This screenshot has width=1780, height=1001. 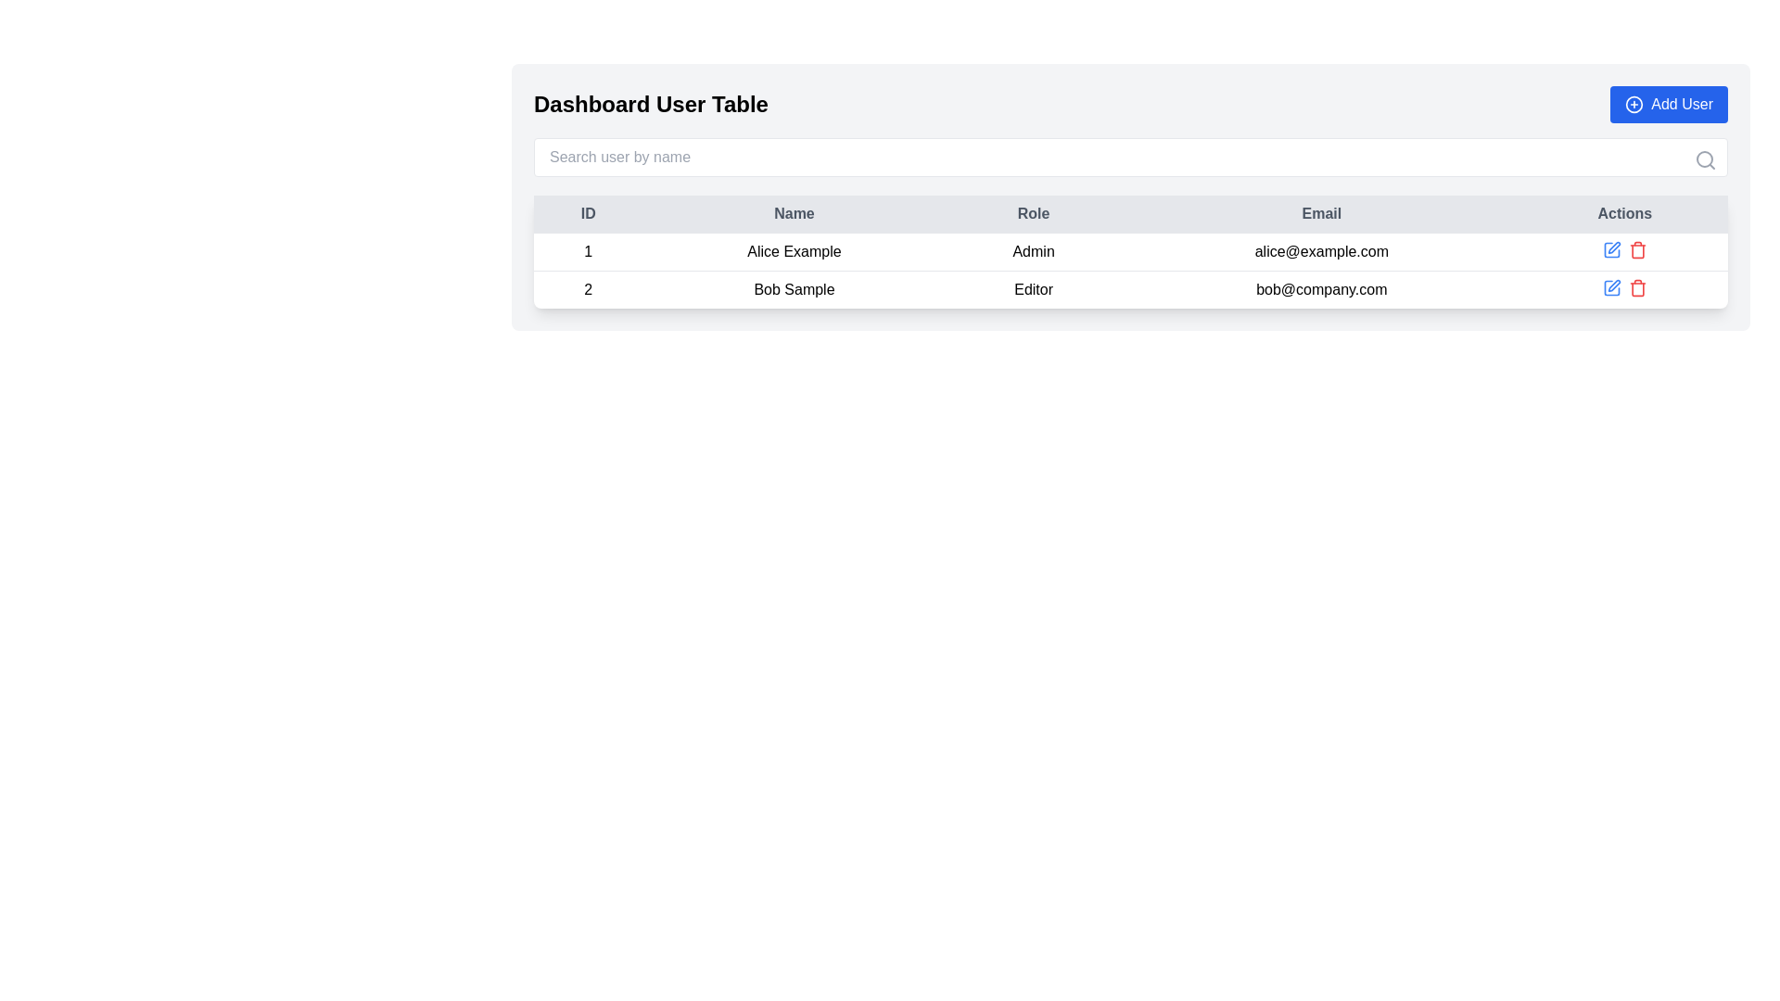 What do you see at coordinates (1623, 213) in the screenshot?
I see `the text label displaying 'Actions' at the top of the column in the table header, which has a grey background and is aligned with other column headers` at bounding box center [1623, 213].